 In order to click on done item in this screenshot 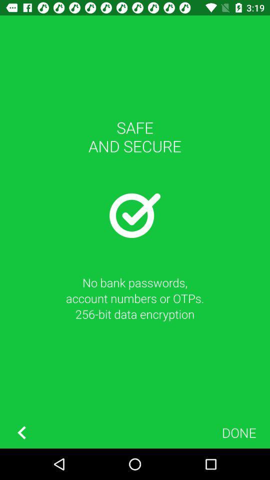, I will do `click(238, 432)`.